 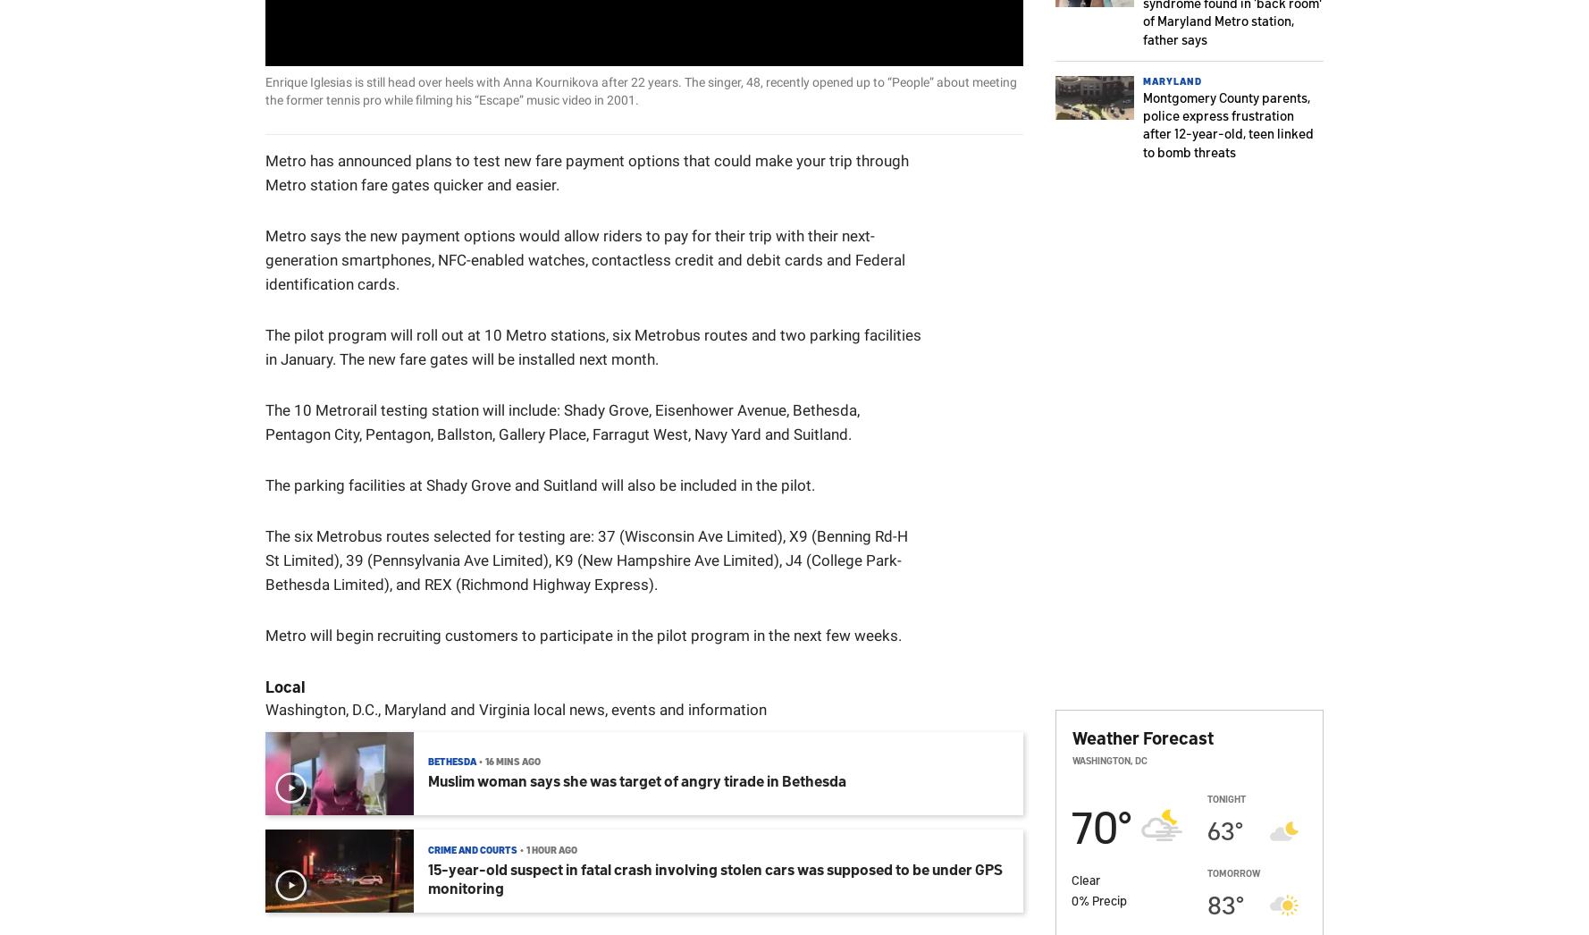 What do you see at coordinates (715, 876) in the screenshot?
I see `'15-year-old suspect in fatal crash involving stolen cars was supposed to be under GPS monitoring'` at bounding box center [715, 876].